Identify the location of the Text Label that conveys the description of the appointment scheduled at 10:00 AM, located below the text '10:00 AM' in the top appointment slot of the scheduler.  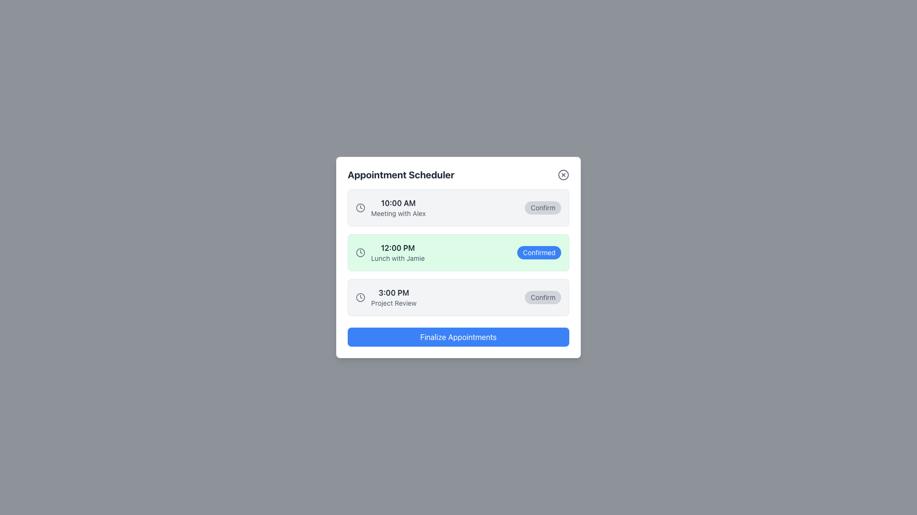
(398, 213).